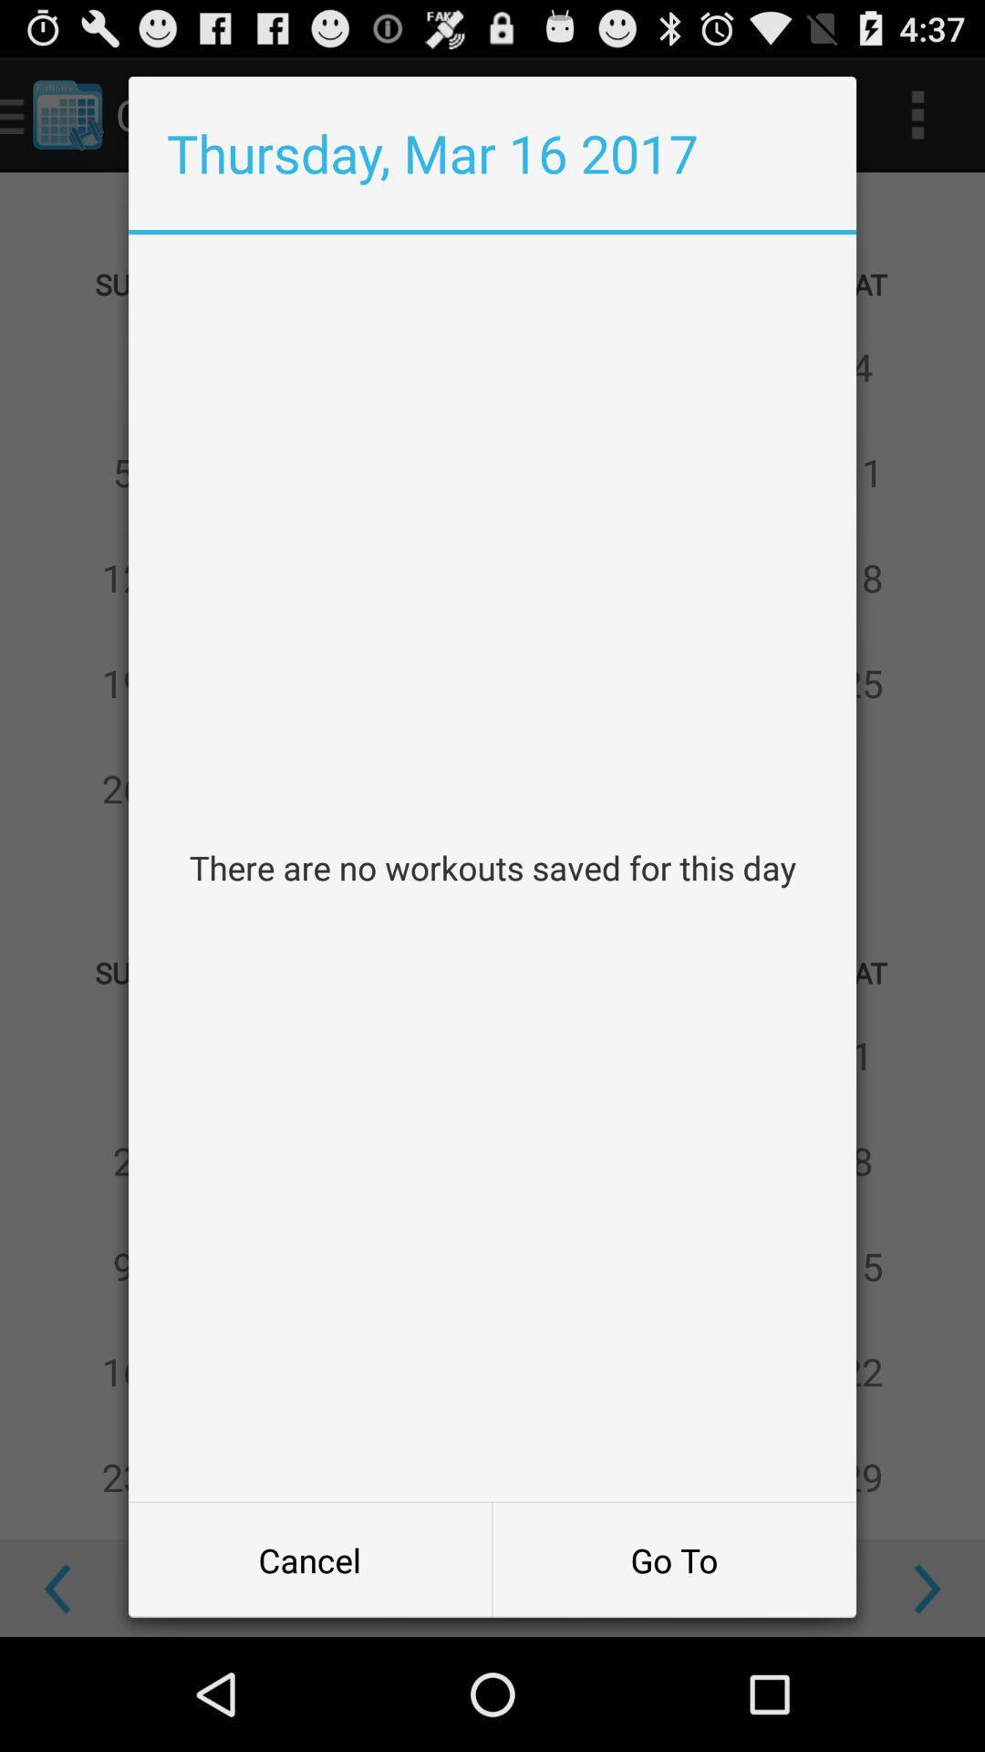  What do you see at coordinates (674, 1559) in the screenshot?
I see `go to button` at bounding box center [674, 1559].